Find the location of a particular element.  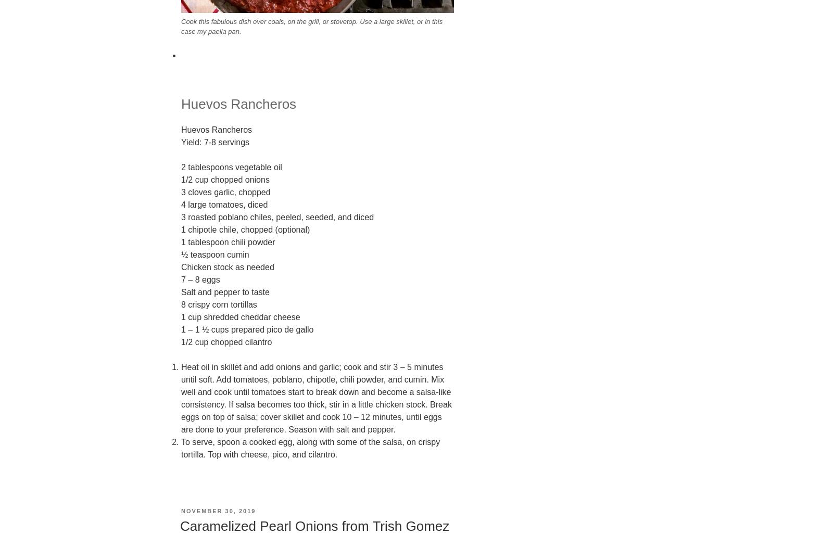

'3 cloves garlic, chopped' is located at coordinates (181, 191).